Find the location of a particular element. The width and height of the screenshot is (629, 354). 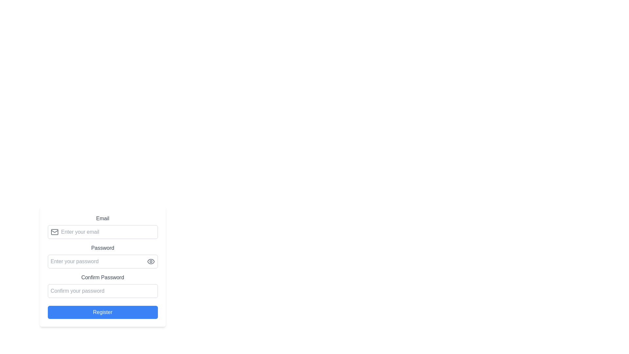

the password confirmation text label, which serves as a guide for the corresponding input field directly below it is located at coordinates (102, 278).